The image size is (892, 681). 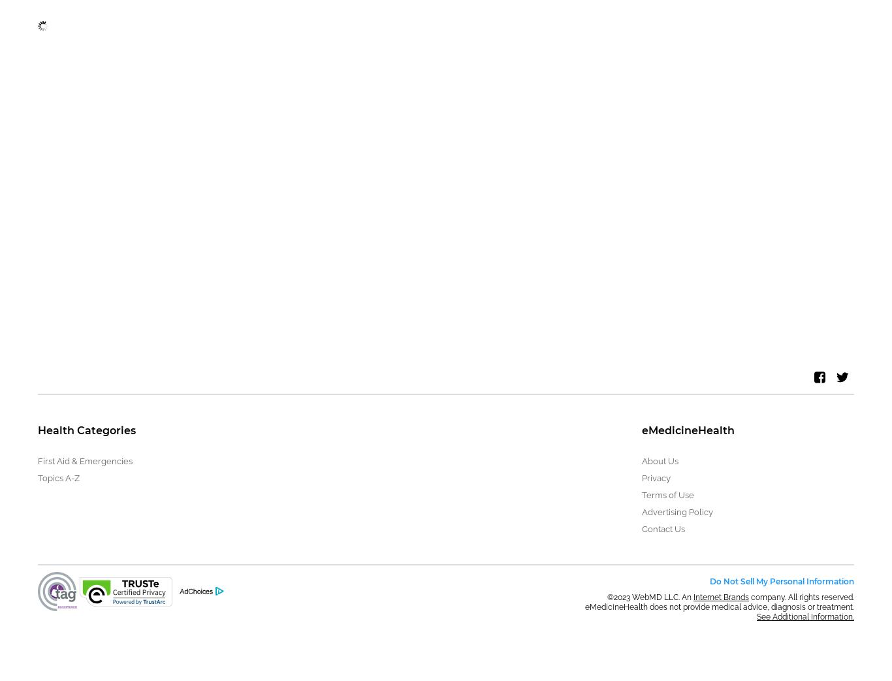 I want to click on 'Internet Brands', so click(x=720, y=597).